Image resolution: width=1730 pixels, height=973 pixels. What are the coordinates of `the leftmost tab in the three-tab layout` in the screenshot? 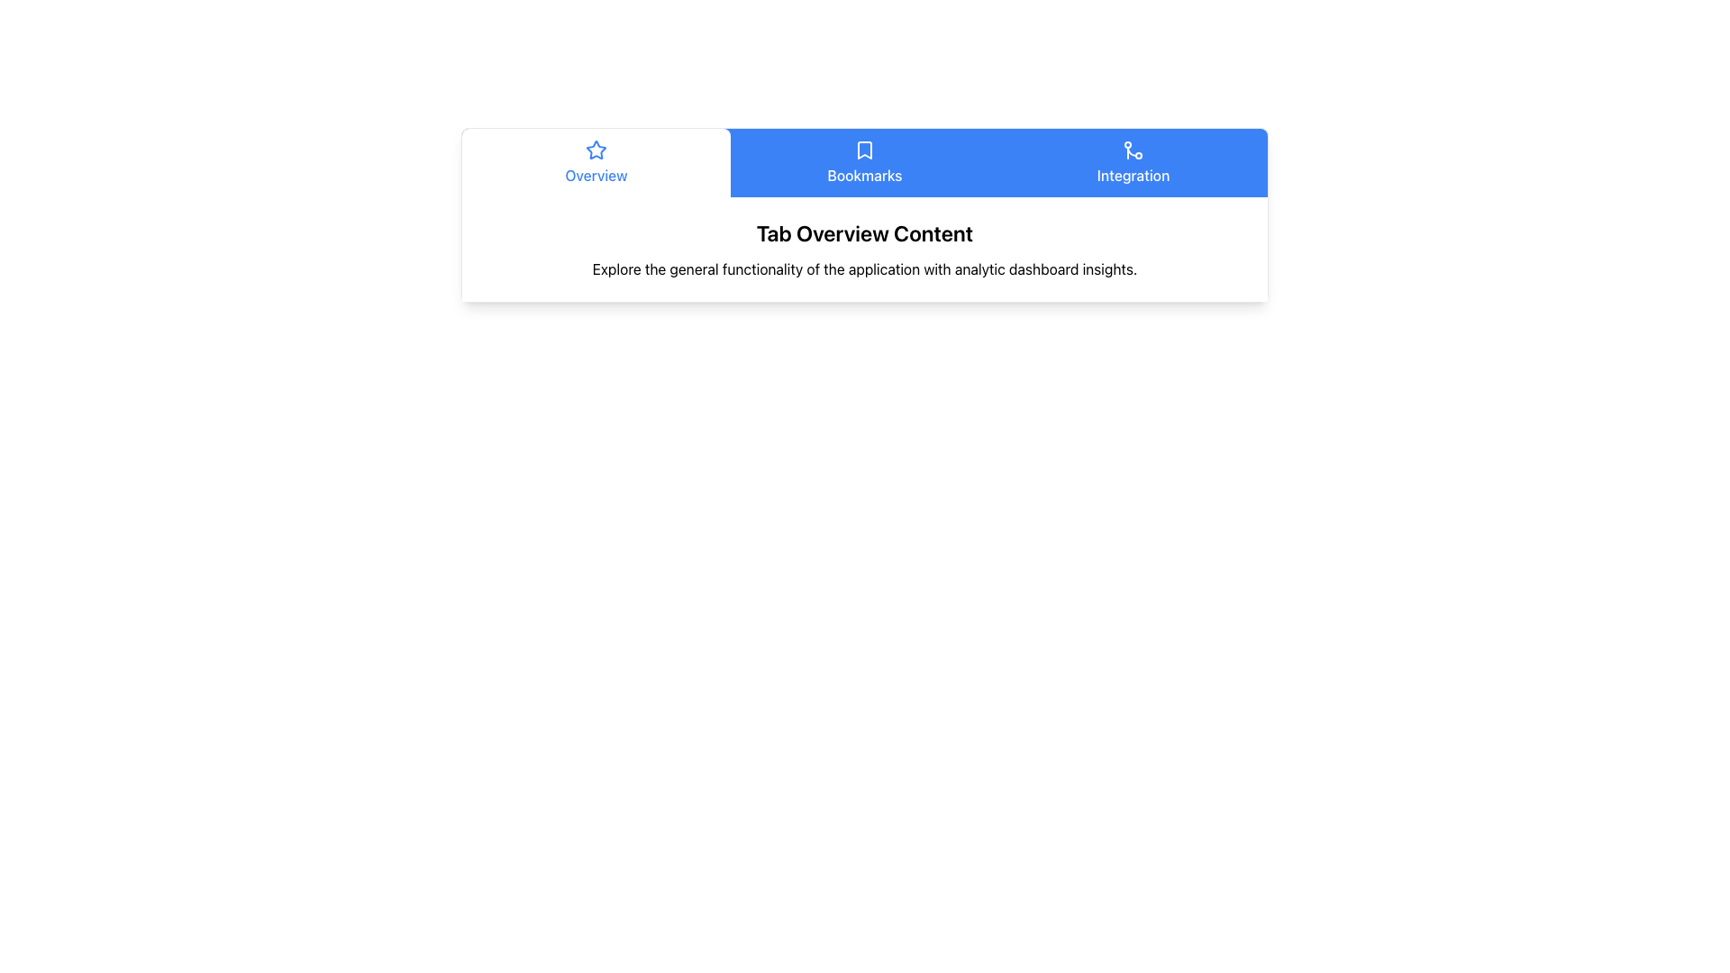 It's located at (596, 163).